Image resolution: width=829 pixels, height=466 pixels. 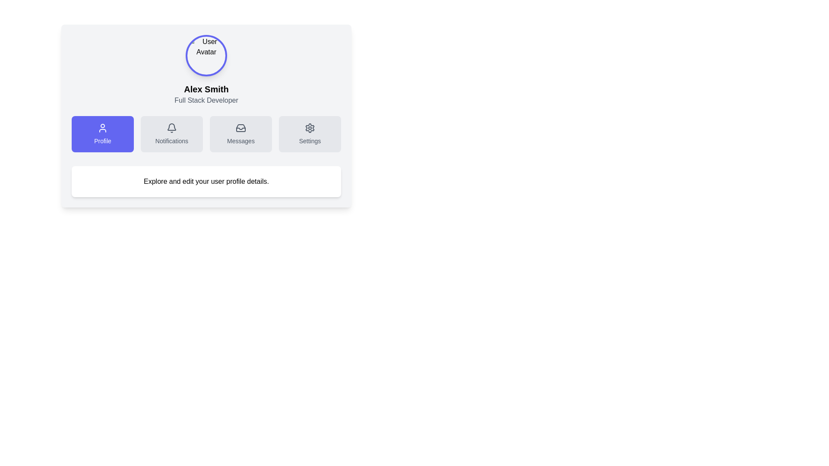 What do you see at coordinates (310, 128) in the screenshot?
I see `the Settings Cog icon` at bounding box center [310, 128].